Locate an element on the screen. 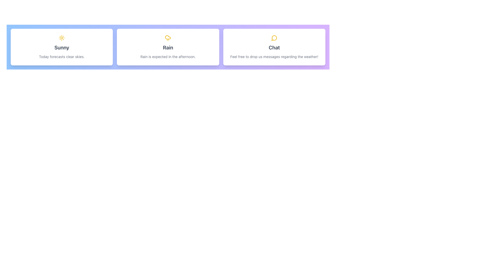 The height and width of the screenshot is (275, 490). the weather condition label that displays the weather information, located centrally beneath the rainy weather icon and above the description text that states 'Rain is expected in the afternoon.' is located at coordinates (168, 47).